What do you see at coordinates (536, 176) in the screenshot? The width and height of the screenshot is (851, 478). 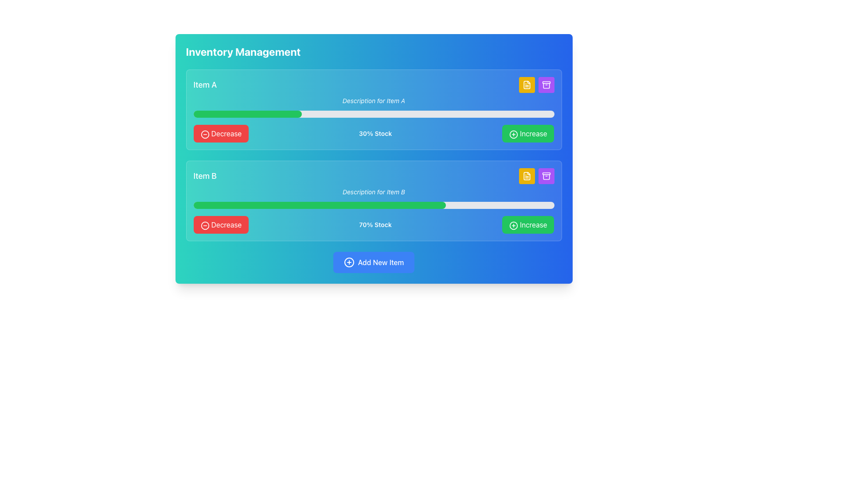 I see `the square button with a yellow background that has a document icon, located in the 'Item B' section, positioned to the left of a purple button` at bounding box center [536, 176].